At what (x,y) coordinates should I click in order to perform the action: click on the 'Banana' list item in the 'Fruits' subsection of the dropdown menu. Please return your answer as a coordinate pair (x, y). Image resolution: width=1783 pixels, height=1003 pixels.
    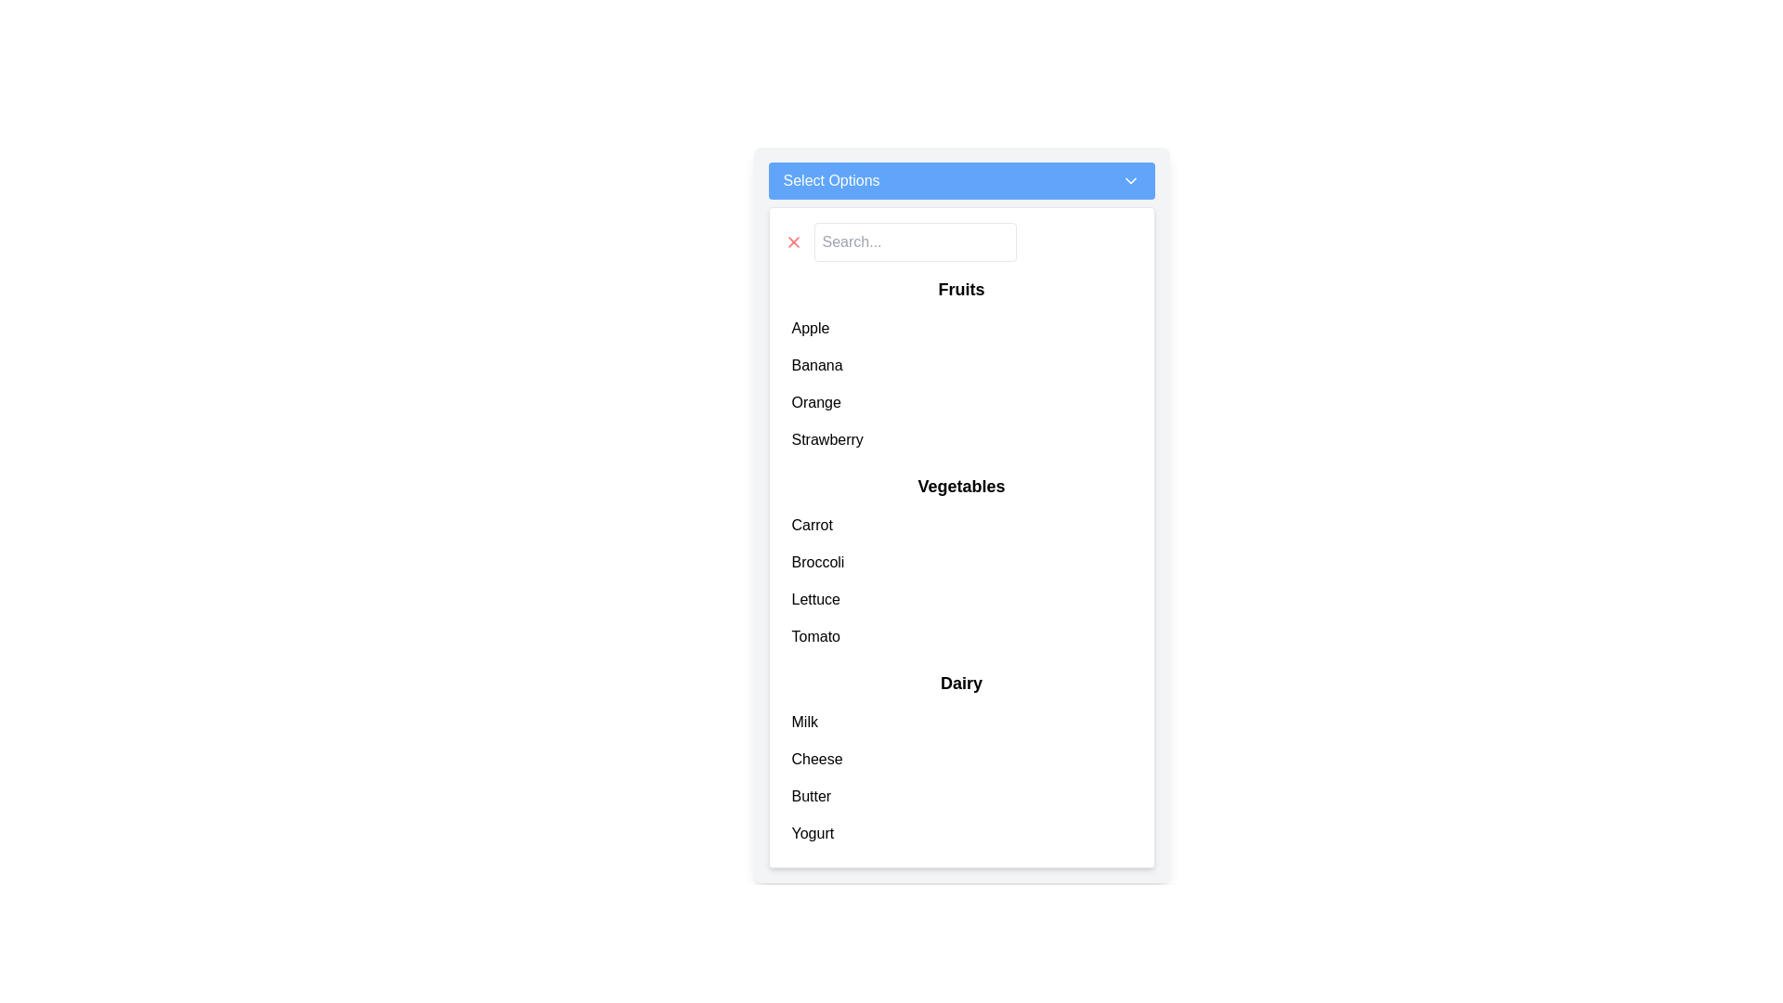
    Looking at the image, I should click on (961, 365).